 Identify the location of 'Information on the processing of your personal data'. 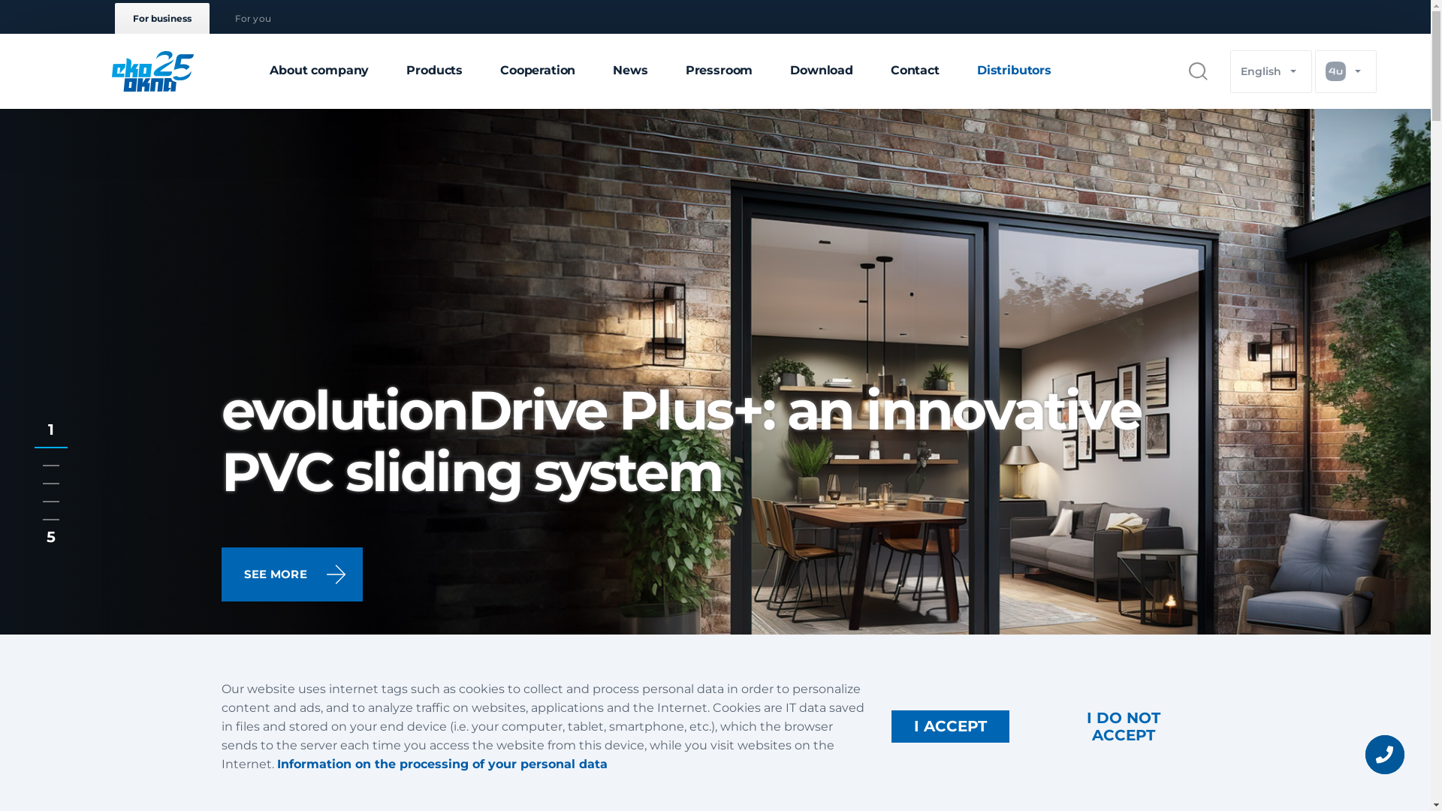
(441, 764).